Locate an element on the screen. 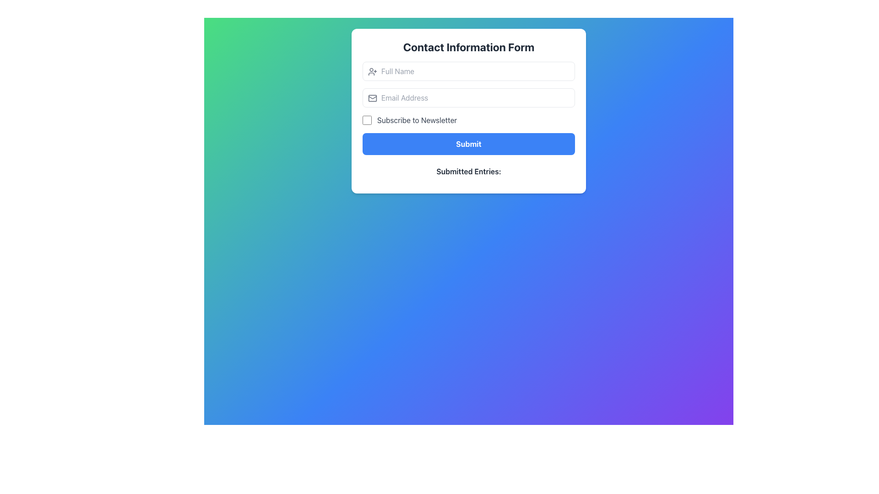 This screenshot has height=494, width=879. the checkbox is located at coordinates (367, 119).